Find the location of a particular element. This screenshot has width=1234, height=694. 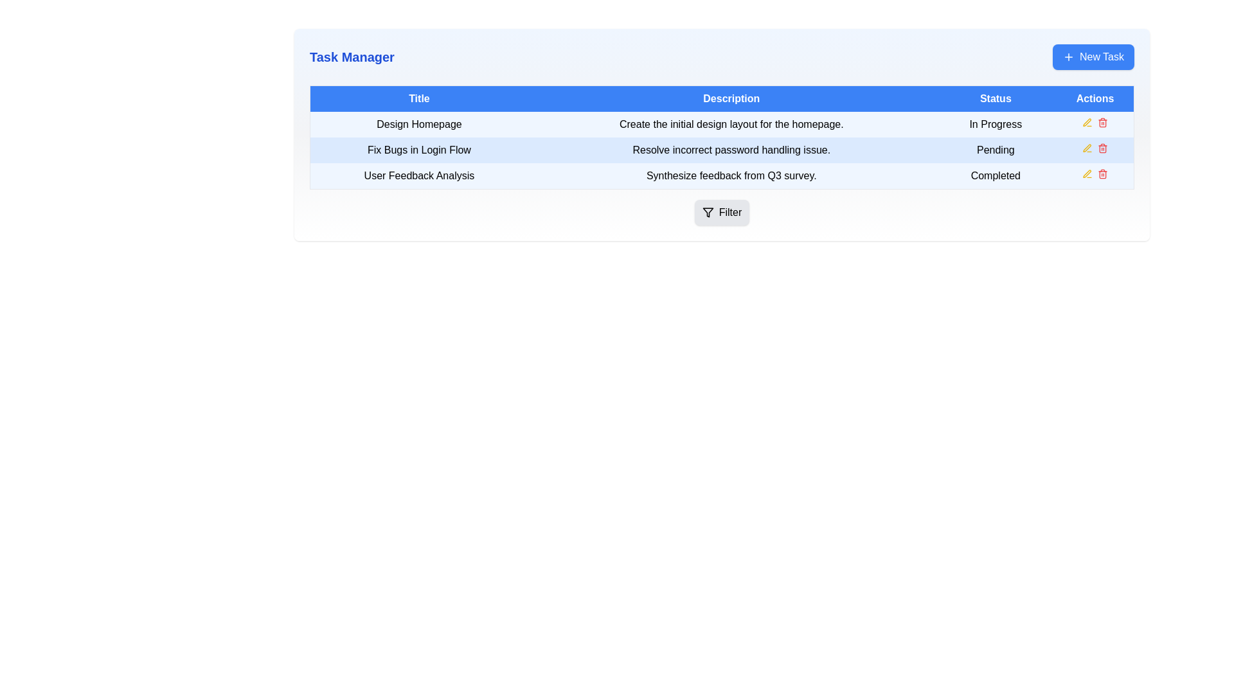

the static text label 'In Progress' located in the third column of the first row under the 'Status' column in the task table for the task titled 'Design Homepage' is located at coordinates (995, 124).